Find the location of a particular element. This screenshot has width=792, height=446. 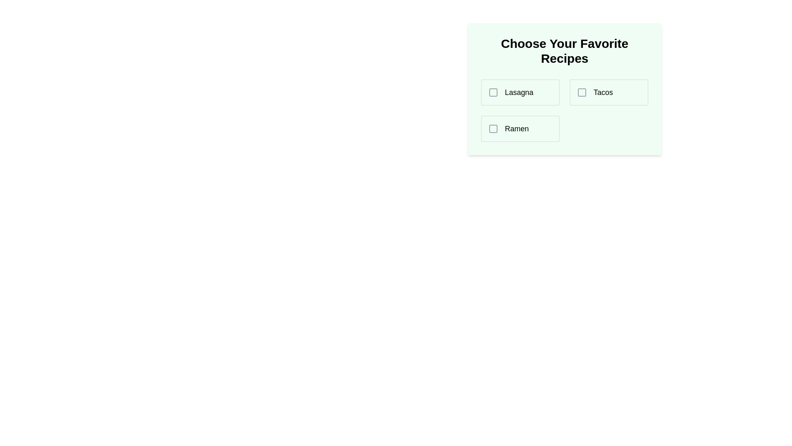

the 'Ramen' label to associate it with the checkbox to its left is located at coordinates (516, 129).